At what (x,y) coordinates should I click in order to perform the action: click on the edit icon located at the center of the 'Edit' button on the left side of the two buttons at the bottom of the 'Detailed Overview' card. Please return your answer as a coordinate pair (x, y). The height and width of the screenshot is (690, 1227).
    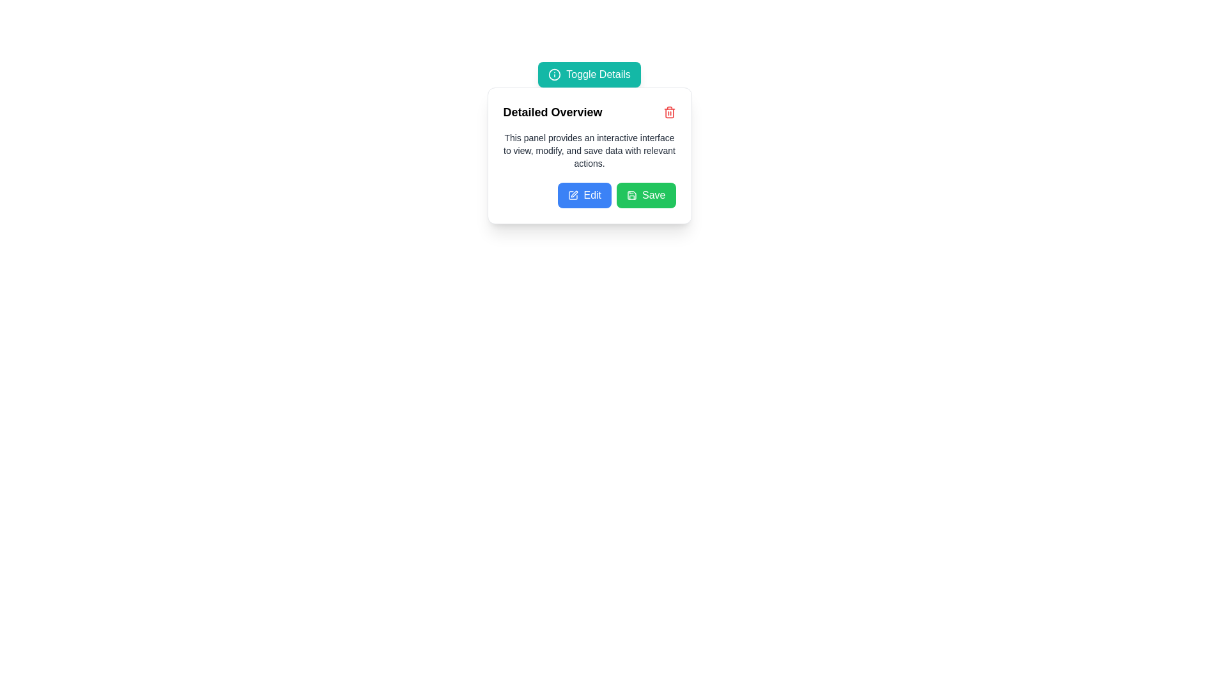
    Looking at the image, I should click on (573, 195).